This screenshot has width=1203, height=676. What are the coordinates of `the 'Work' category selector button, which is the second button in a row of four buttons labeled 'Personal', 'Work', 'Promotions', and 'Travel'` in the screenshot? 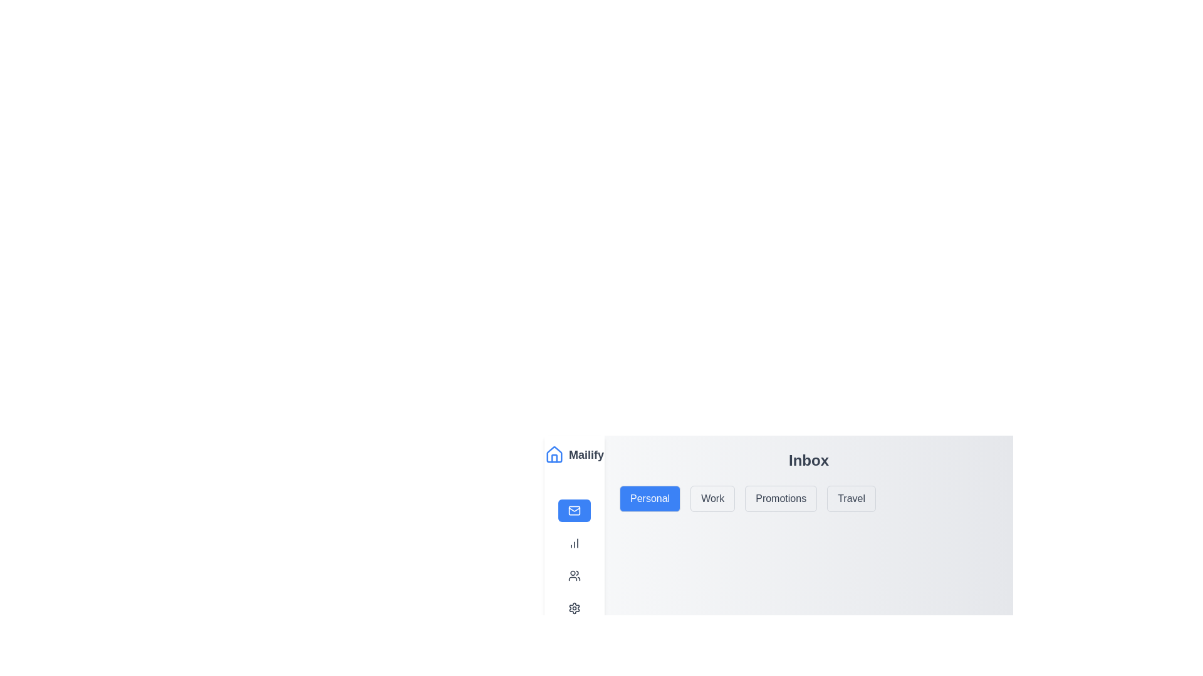 It's located at (712, 498).